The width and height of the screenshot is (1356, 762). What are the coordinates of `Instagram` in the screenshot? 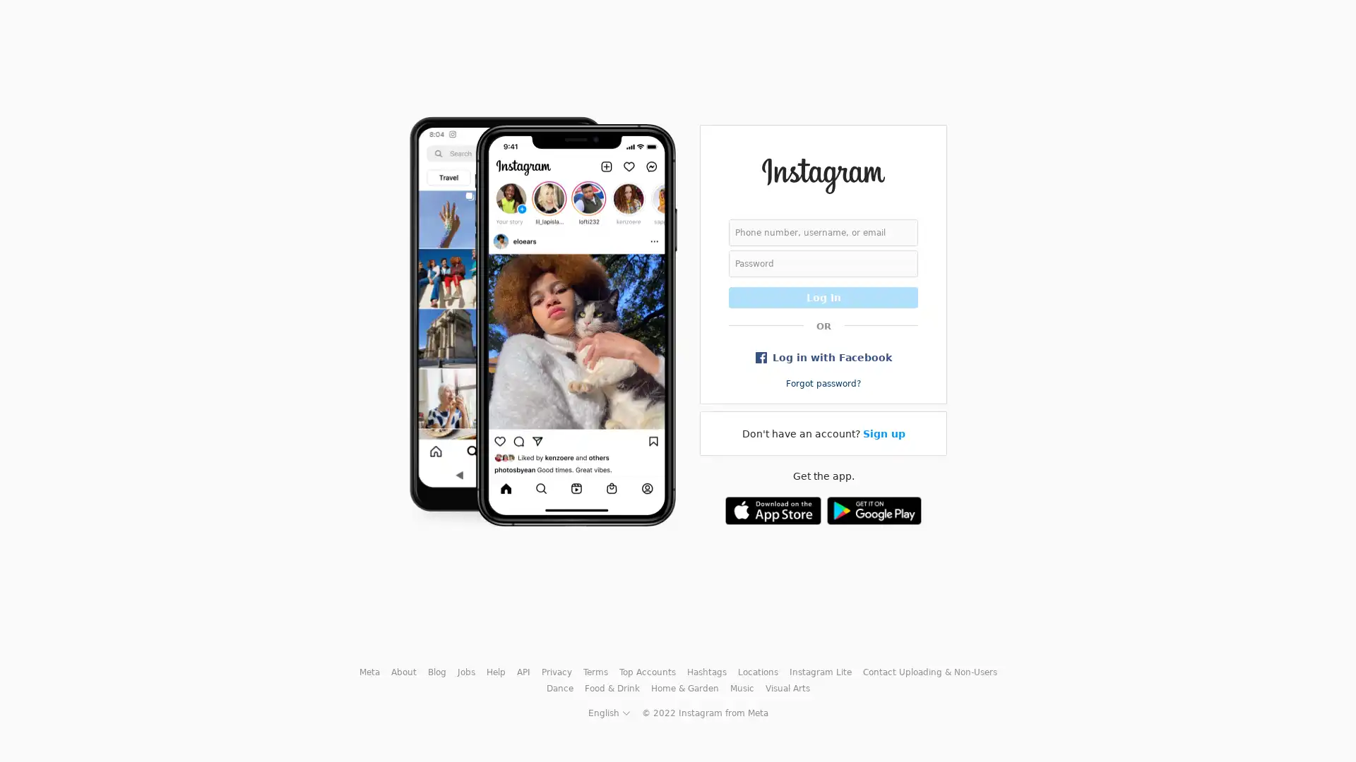 It's located at (823, 175).